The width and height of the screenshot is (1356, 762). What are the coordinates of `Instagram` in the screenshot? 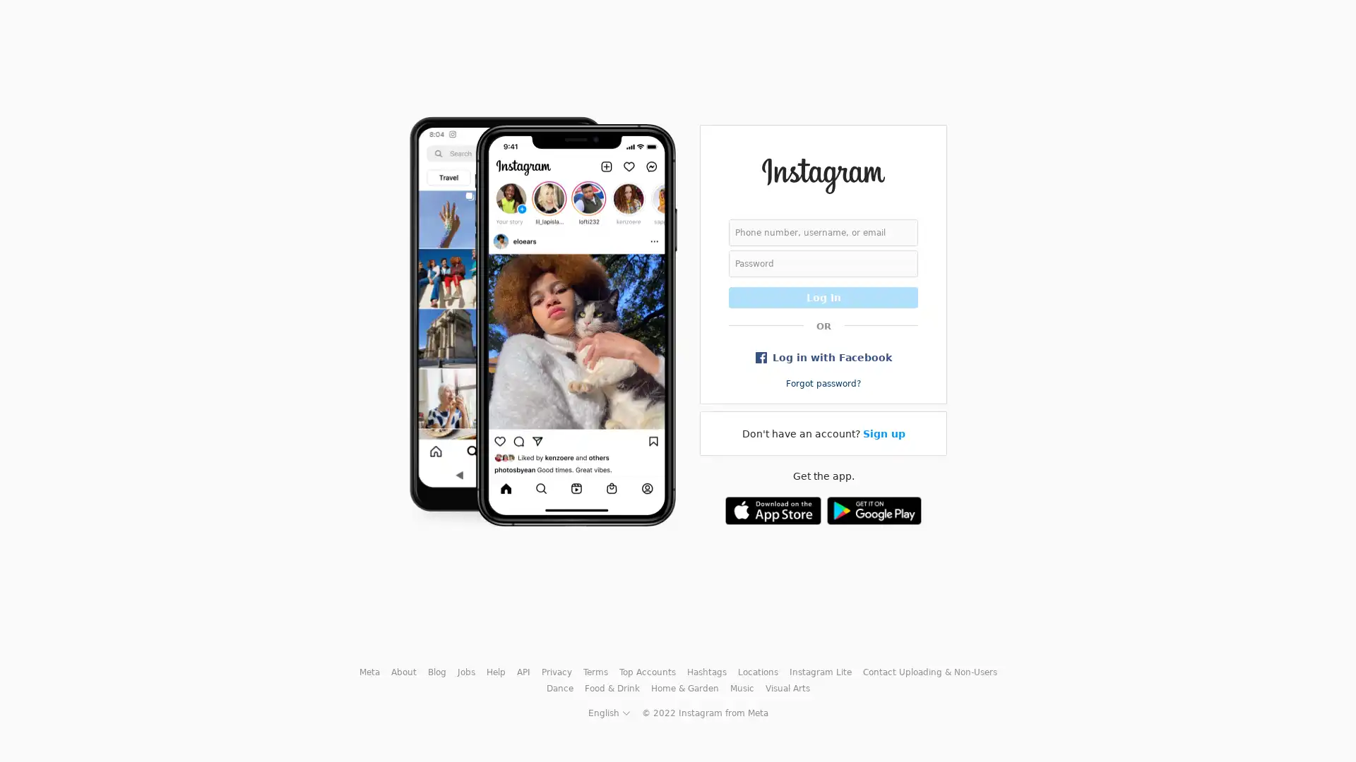 It's located at (823, 175).